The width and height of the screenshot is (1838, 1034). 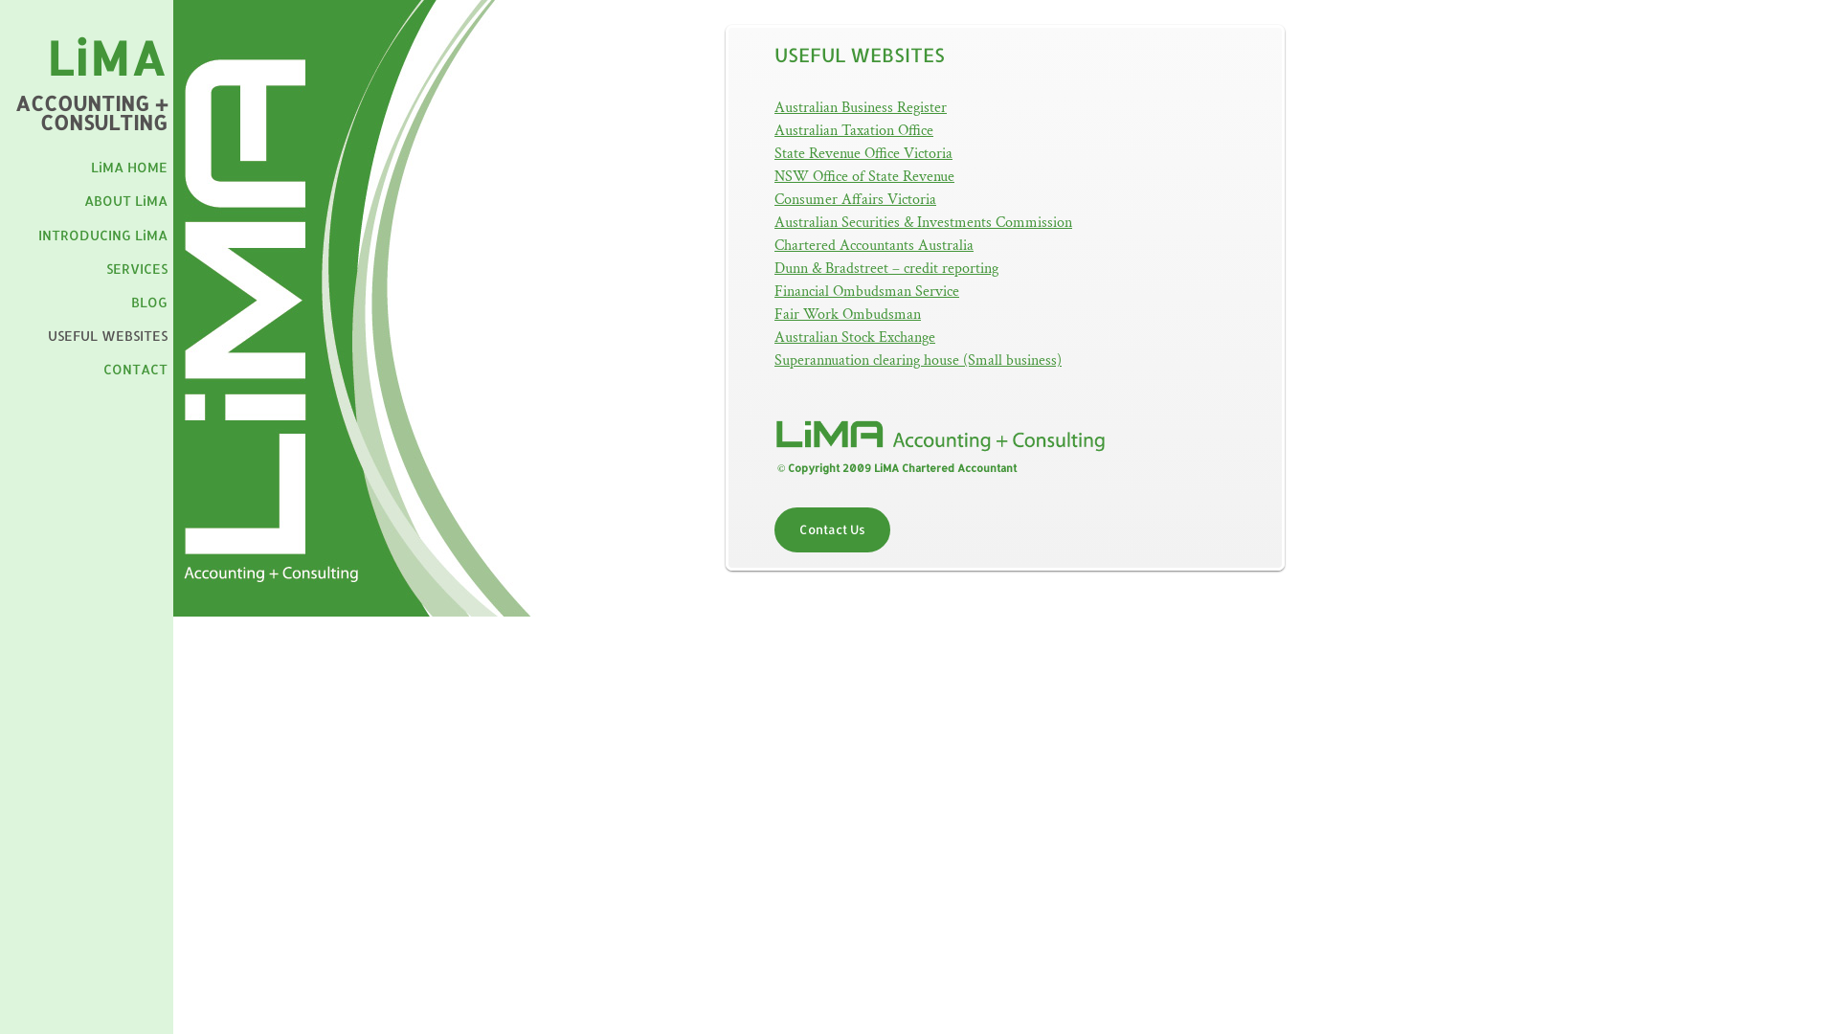 What do you see at coordinates (46, 56) in the screenshot?
I see `'LiMA'` at bounding box center [46, 56].